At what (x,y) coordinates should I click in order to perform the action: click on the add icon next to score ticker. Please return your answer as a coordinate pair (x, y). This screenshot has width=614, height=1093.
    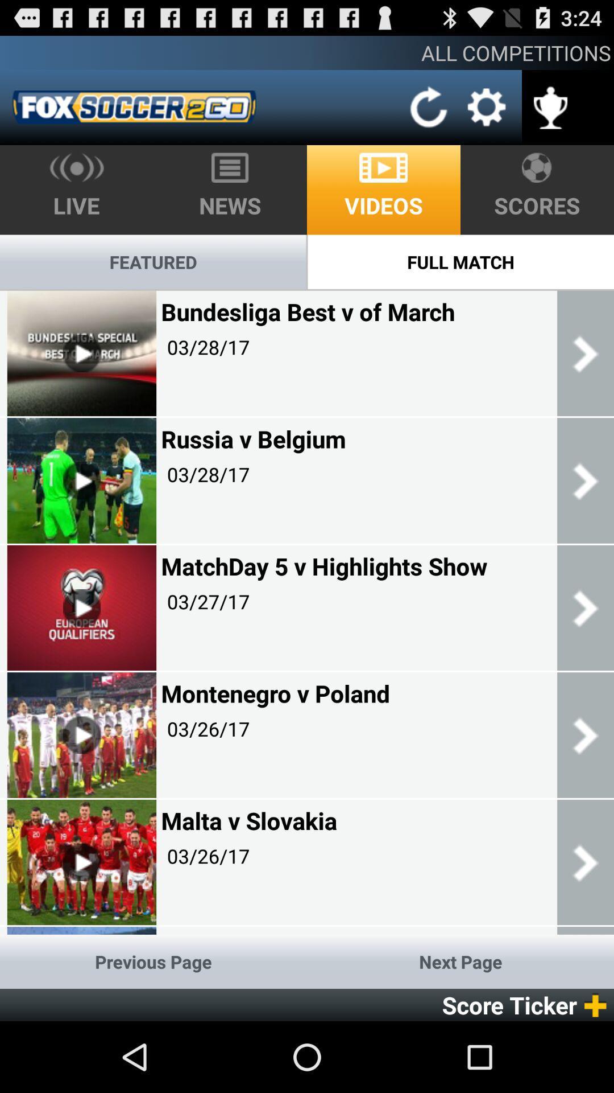
    Looking at the image, I should click on (598, 1005).